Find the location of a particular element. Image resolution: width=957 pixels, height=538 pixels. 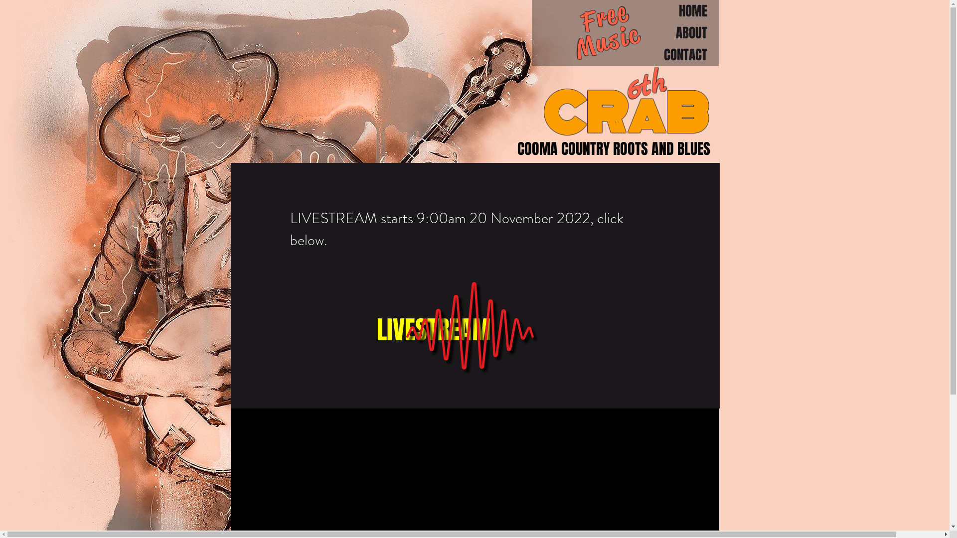

'LIVESTREAM starts 9:00am 20 November 2022, click below.' is located at coordinates (456, 229).